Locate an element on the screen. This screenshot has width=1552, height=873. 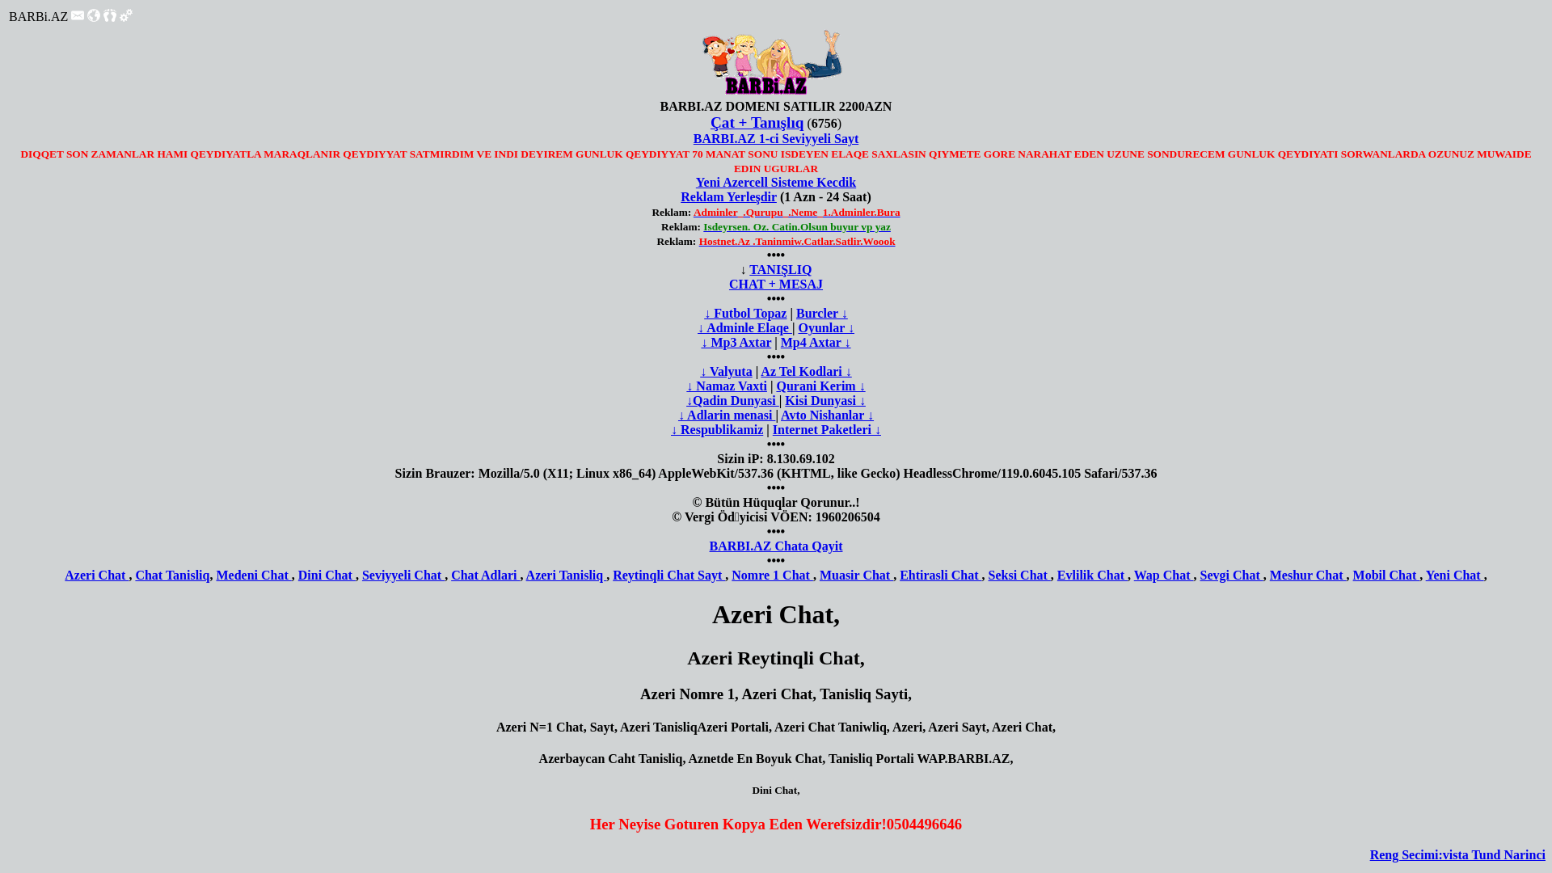
'Adminler_.Qurupu_.Neme_1.Adminler.Bura' is located at coordinates (796, 211).